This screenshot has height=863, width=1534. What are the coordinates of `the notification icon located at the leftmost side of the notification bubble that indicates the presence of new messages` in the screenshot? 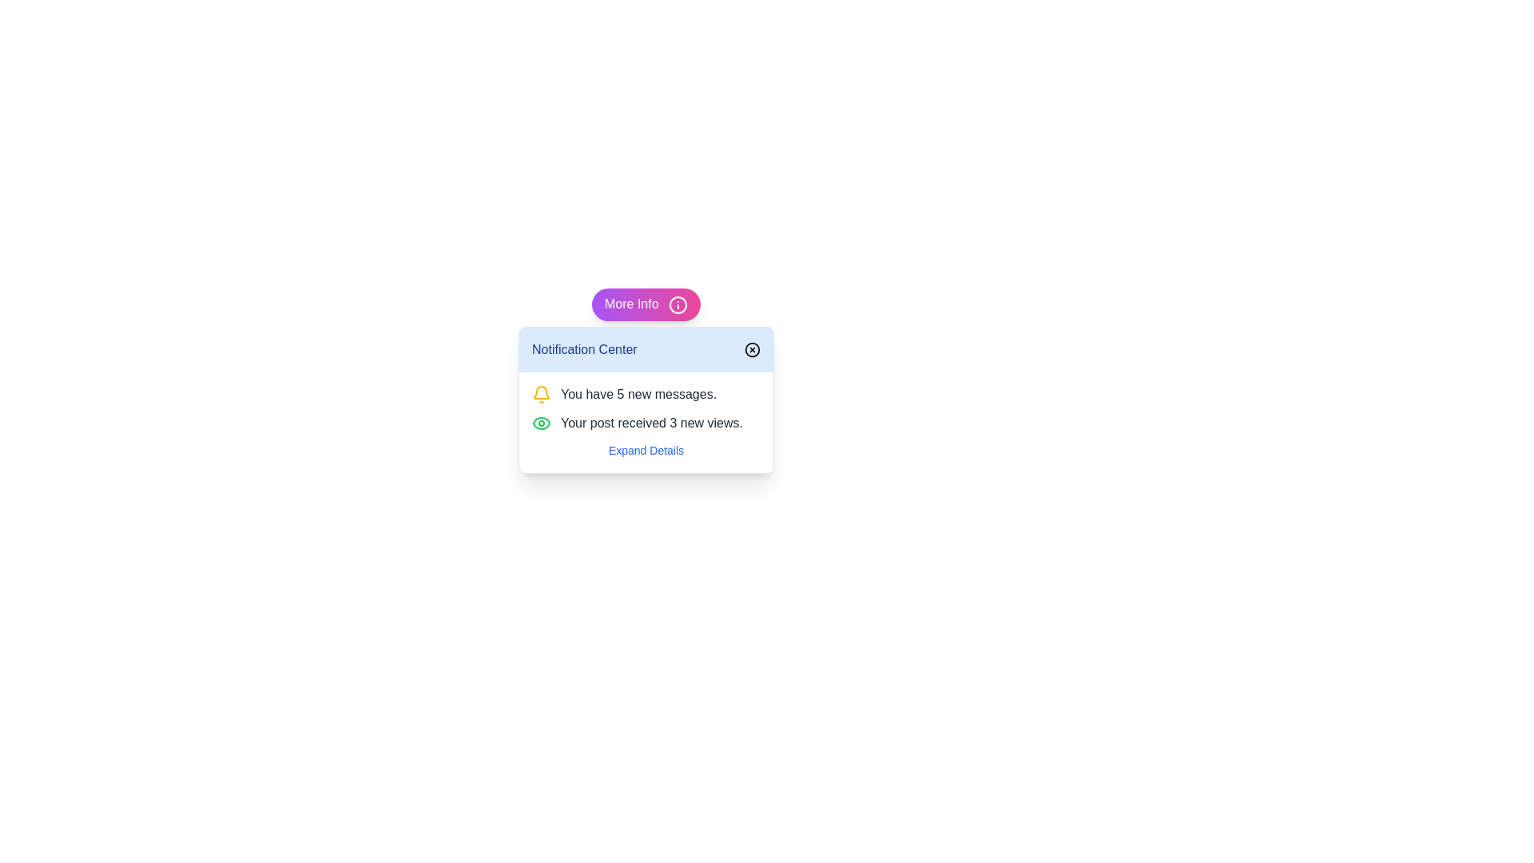 It's located at (541, 394).